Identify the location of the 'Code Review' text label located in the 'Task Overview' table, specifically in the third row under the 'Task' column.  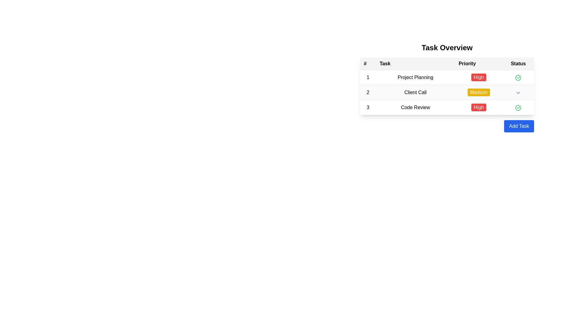
(415, 107).